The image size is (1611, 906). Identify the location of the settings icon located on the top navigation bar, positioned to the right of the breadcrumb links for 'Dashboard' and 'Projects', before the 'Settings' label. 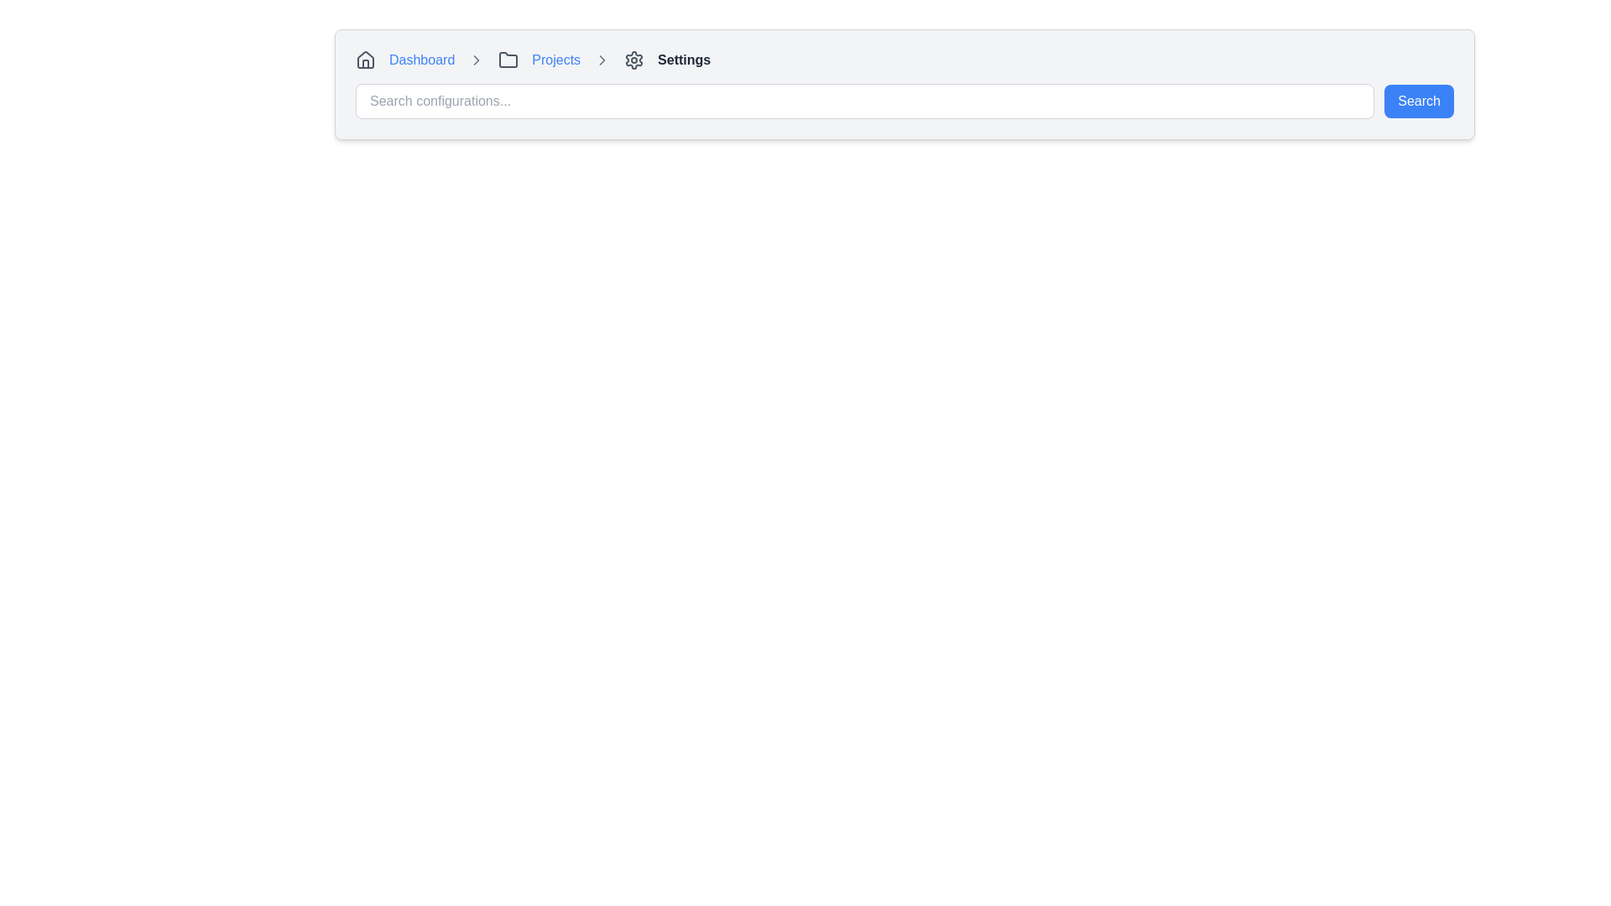
(633, 60).